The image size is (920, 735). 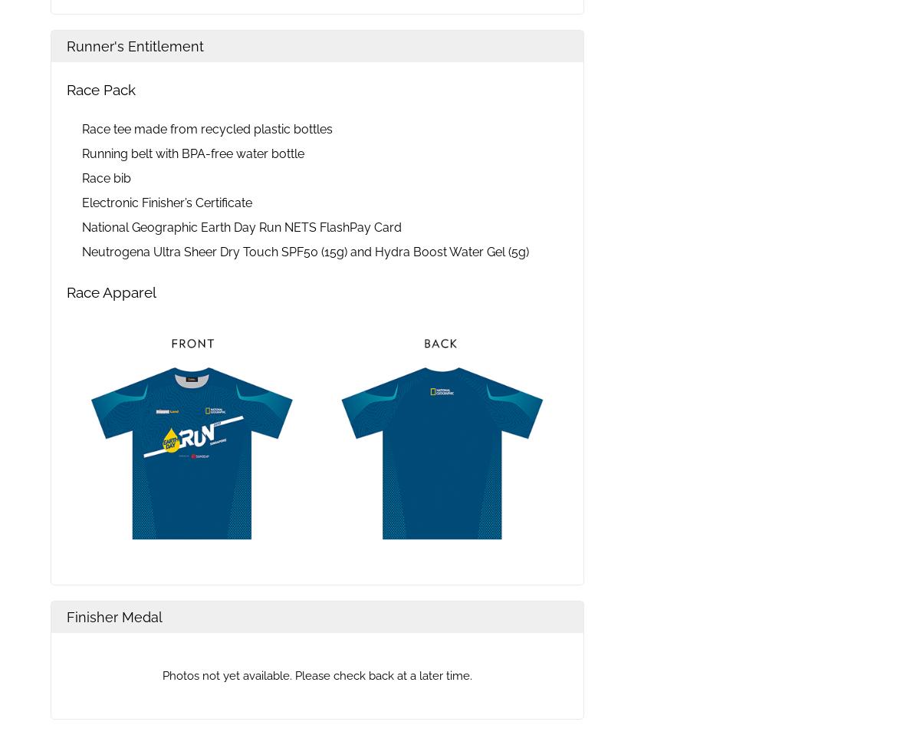 I want to click on 'Race tee made from recycled plastic bottles', so click(x=206, y=128).